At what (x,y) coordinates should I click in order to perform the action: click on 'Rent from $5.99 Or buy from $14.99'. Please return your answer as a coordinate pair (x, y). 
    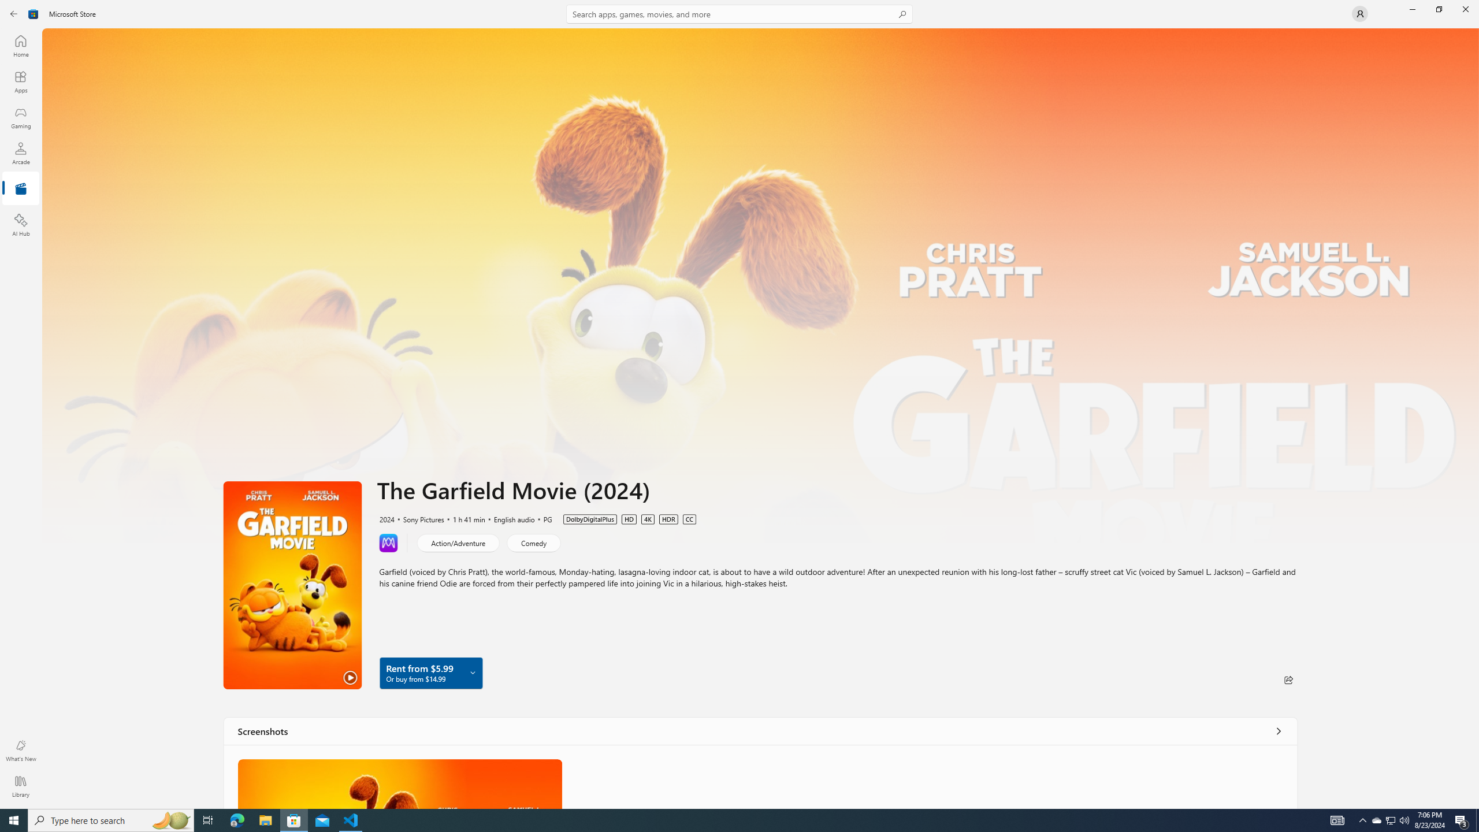
    Looking at the image, I should click on (430, 673).